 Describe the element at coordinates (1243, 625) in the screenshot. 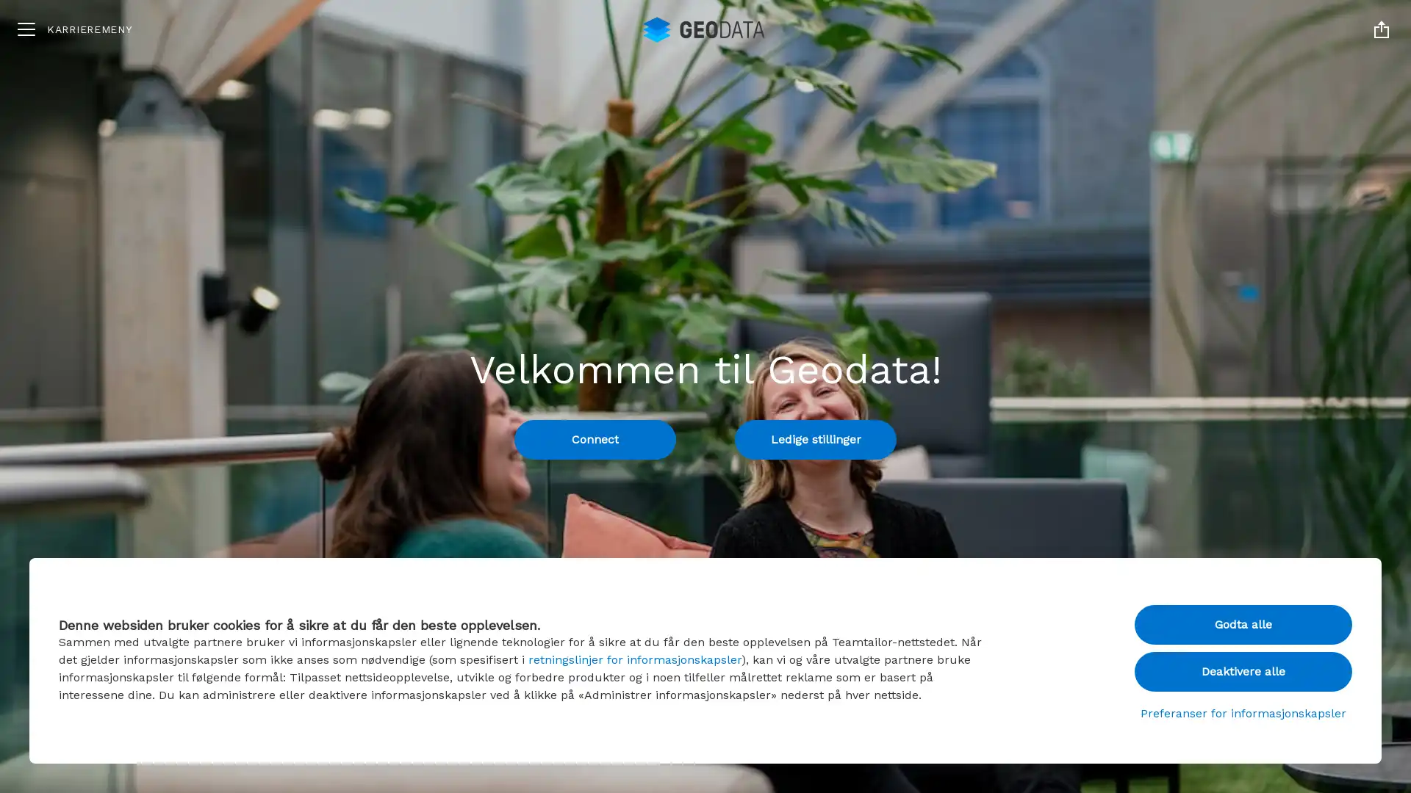

I see `Godta alle` at that location.